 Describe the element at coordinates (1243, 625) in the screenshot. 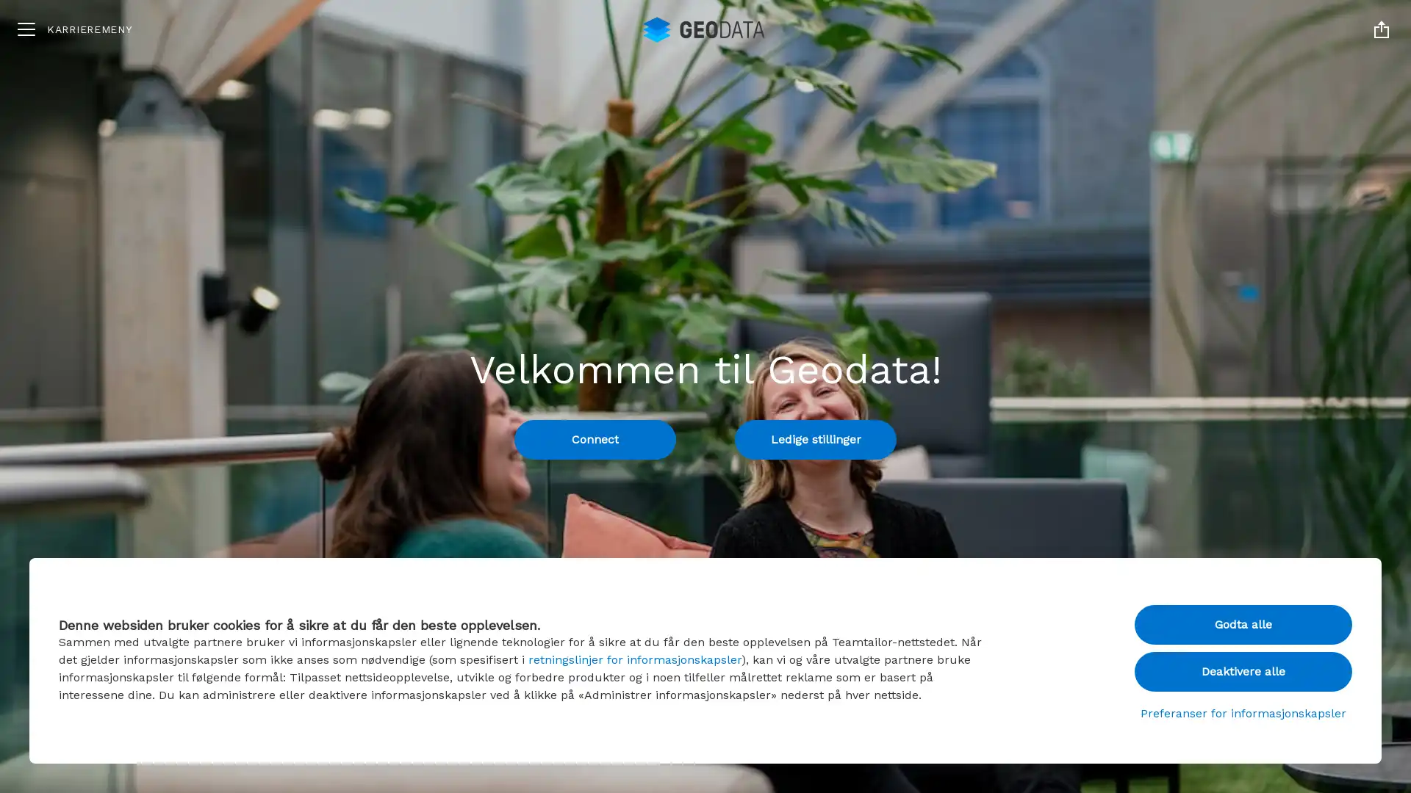

I see `Godta alle` at that location.